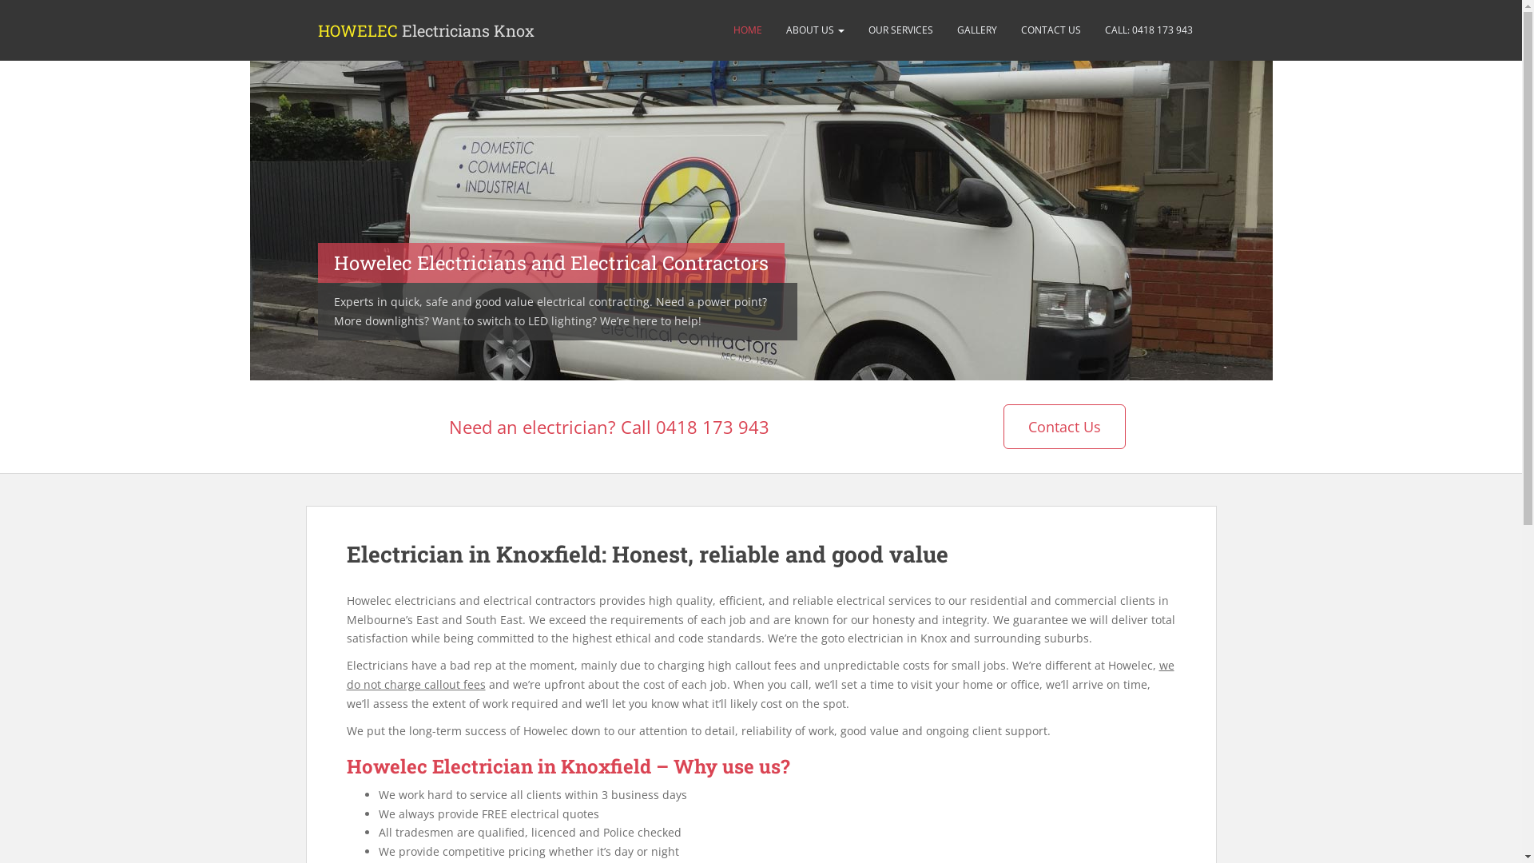  What do you see at coordinates (1148, 30) in the screenshot?
I see `'CALL: 0418 173 943'` at bounding box center [1148, 30].